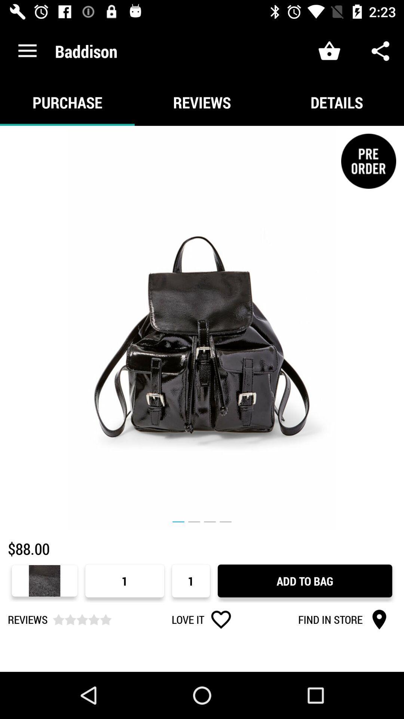 The image size is (404, 719). I want to click on icon below the purchase, so click(202, 328).